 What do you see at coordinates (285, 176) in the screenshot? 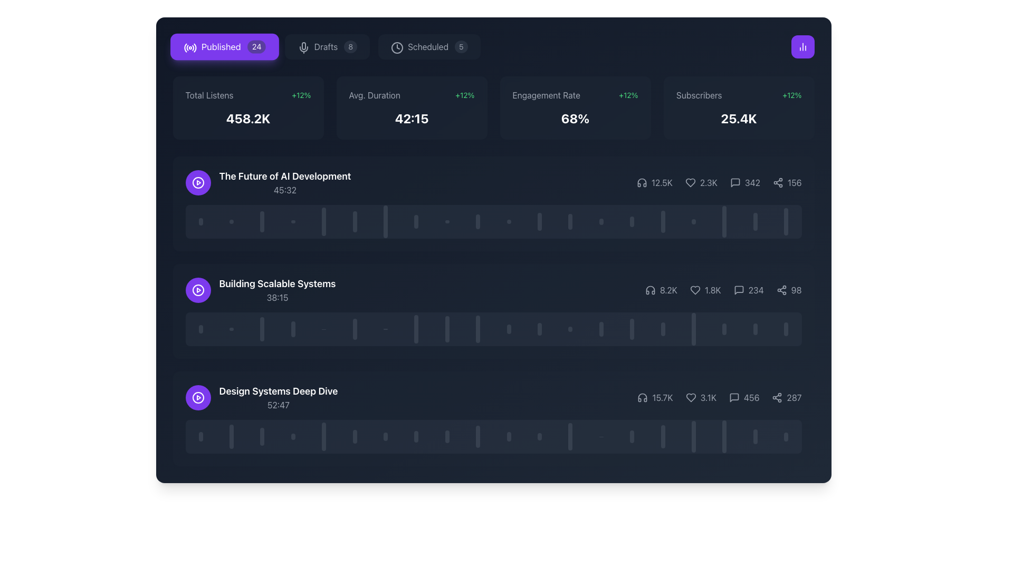
I see `the text label displaying 'The Future of AI Development' which is in a large, bold, white font on a dark background, located in the upper section of a card component` at bounding box center [285, 176].